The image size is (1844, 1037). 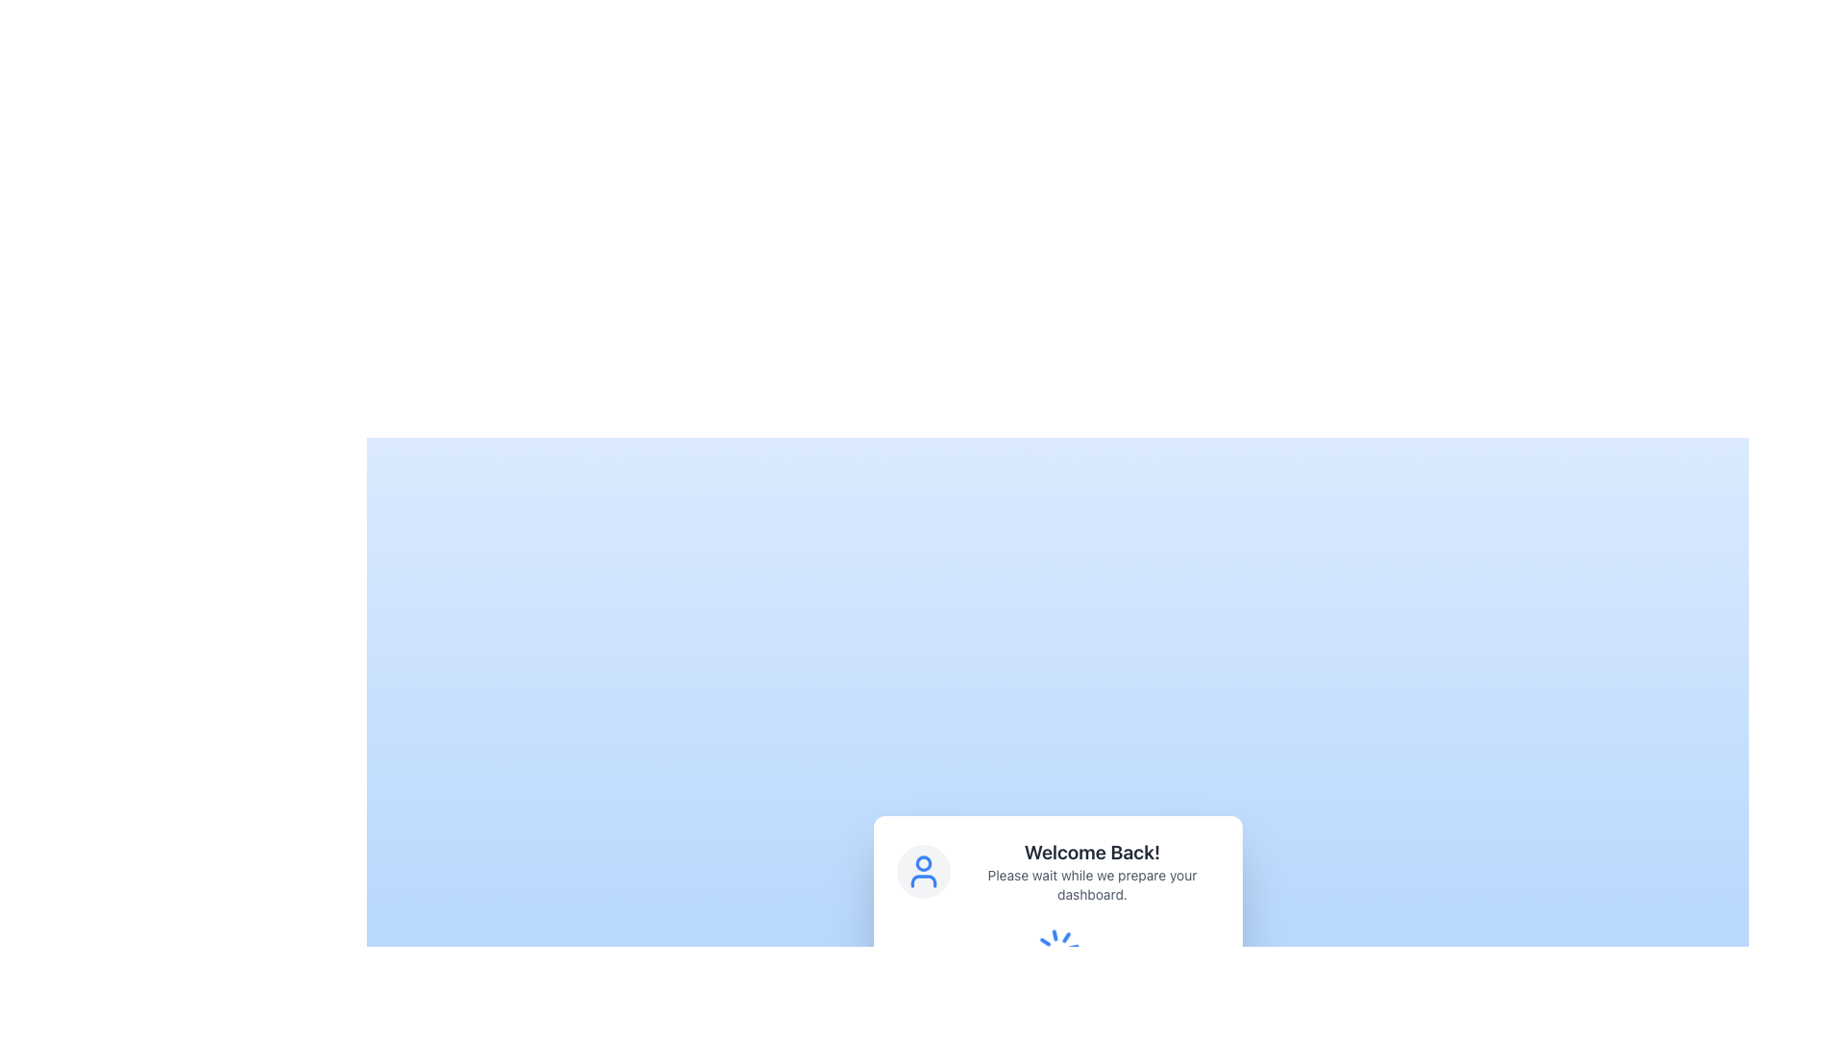 What do you see at coordinates (923, 862) in the screenshot?
I see `the decorative vector graphic element that represents the head in the user avatar icon located in the bottom panel of the application interface, to the left of the title 'Welcome Back!'` at bounding box center [923, 862].